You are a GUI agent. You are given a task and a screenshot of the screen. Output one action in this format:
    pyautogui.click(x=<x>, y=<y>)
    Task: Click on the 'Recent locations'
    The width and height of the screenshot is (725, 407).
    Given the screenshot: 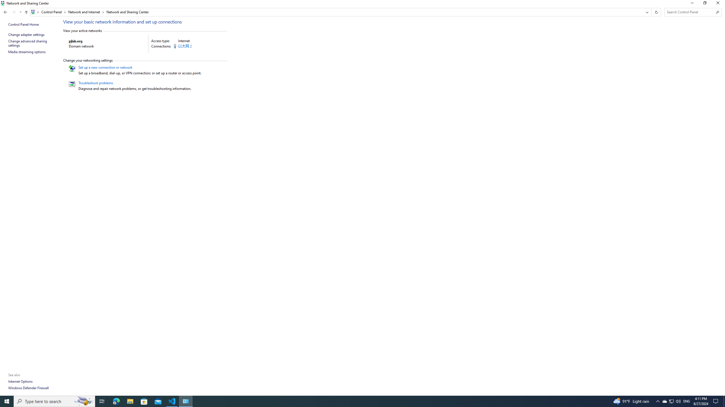 What is the action you would take?
    pyautogui.click(x=20, y=12)
    